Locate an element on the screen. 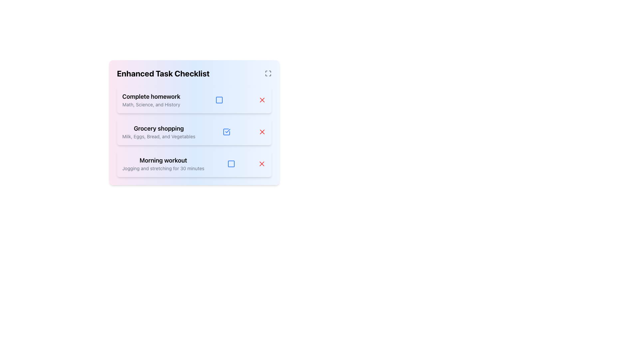 The width and height of the screenshot is (639, 359). the text element displaying 'Milk, Eggs, Bread, and Vegetables' located below the 'Grocery shopping' label in the checklist interface is located at coordinates (158, 136).